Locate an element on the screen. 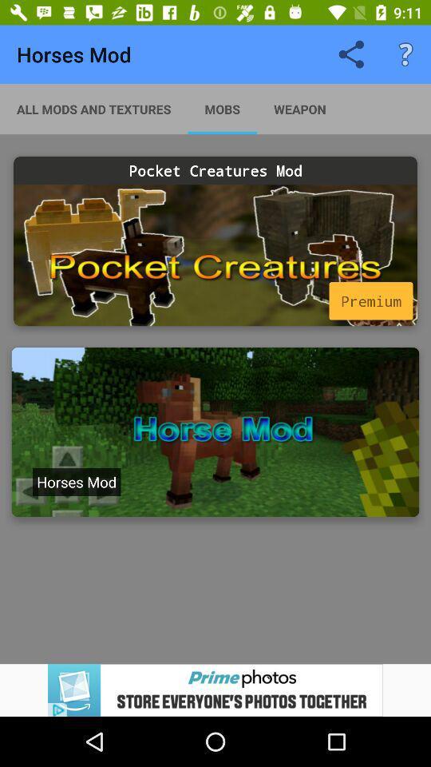 This screenshot has height=767, width=431. open horses mod is located at coordinates (215, 432).